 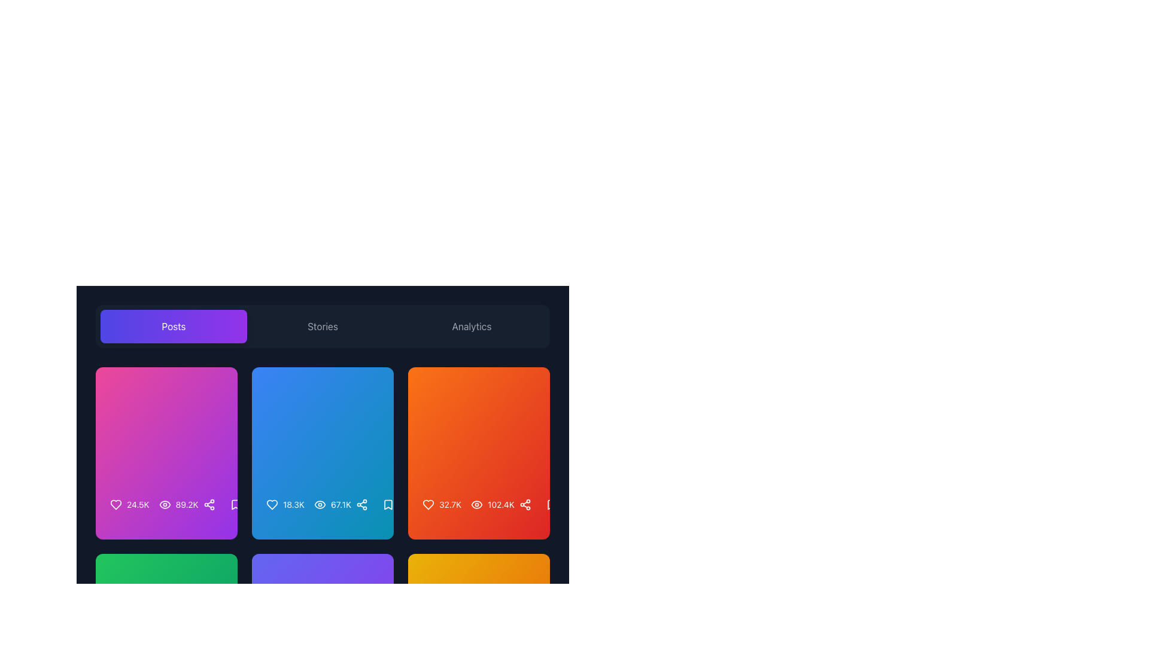 What do you see at coordinates (115, 505) in the screenshot?
I see `the heart-shaped icon with a white stroke against a pink background located in the bottom-left corner of the first card to like or unlike the content` at bounding box center [115, 505].